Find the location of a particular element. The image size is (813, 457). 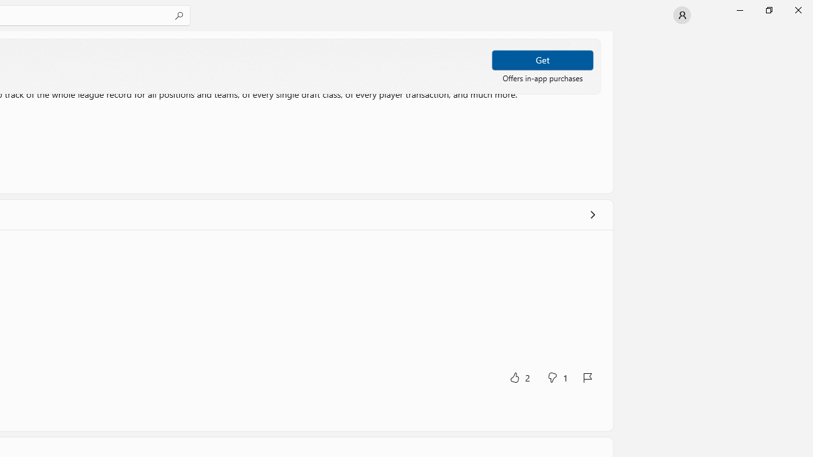

'Report review' is located at coordinates (586, 377).